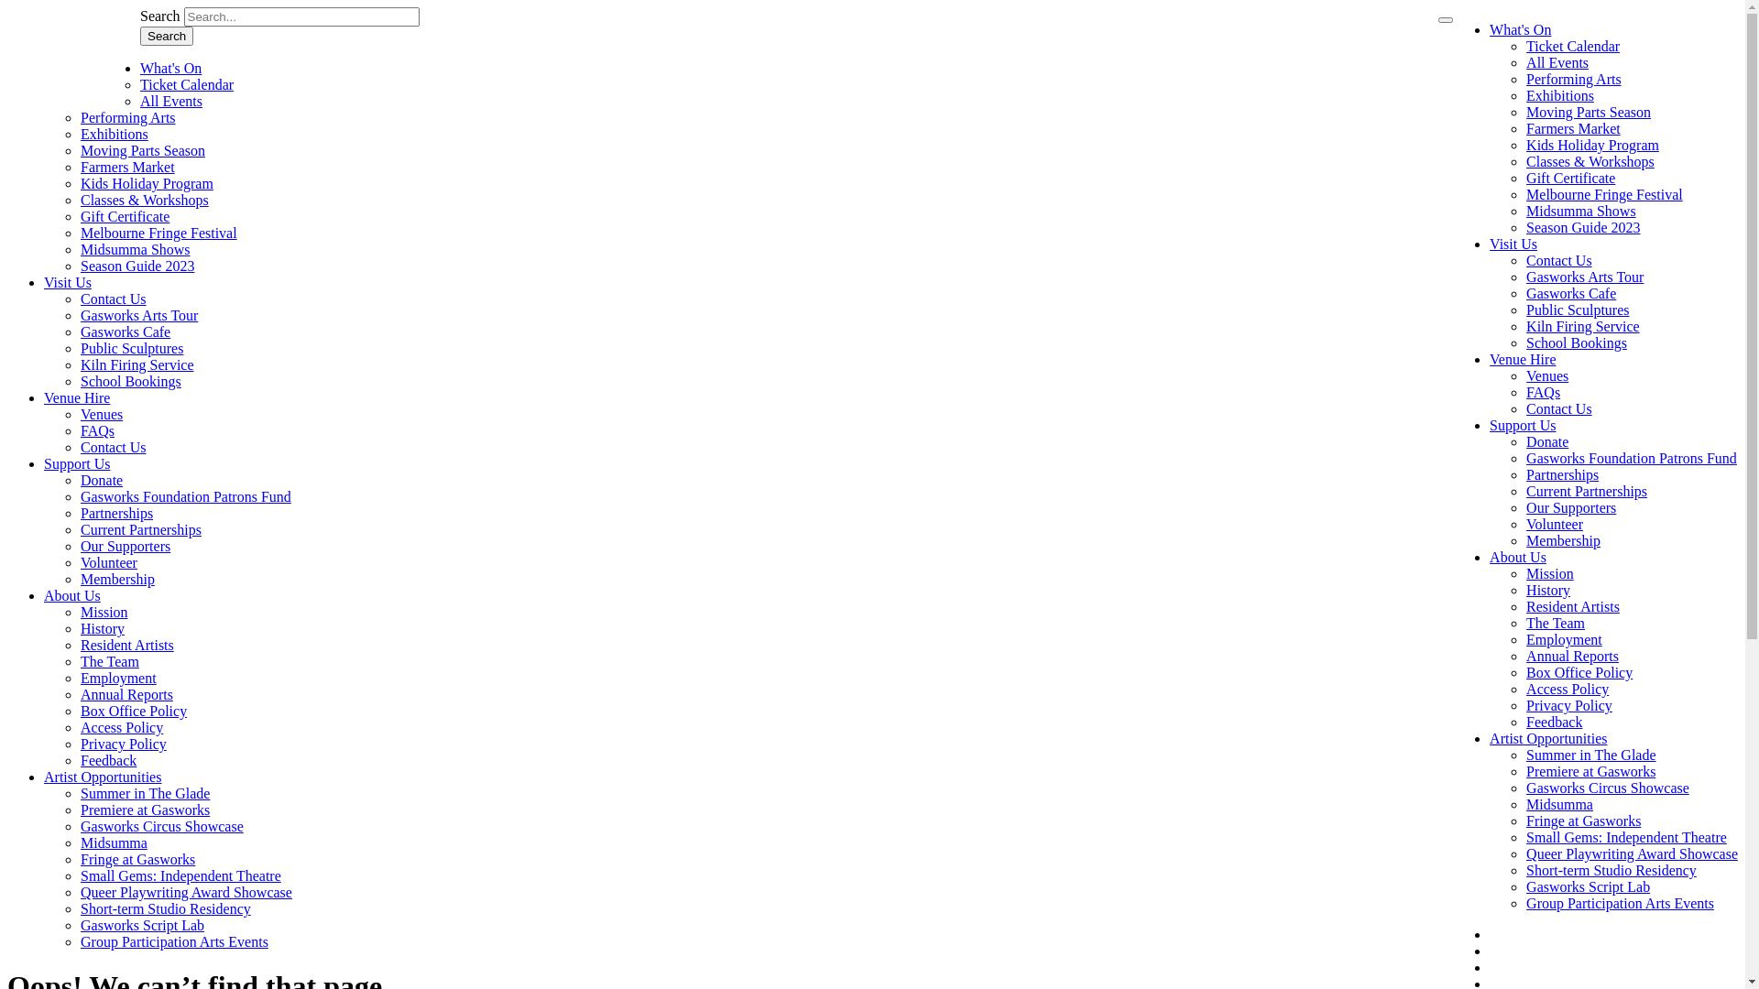 This screenshot has width=1759, height=989. I want to click on 'Performing Arts', so click(126, 117).